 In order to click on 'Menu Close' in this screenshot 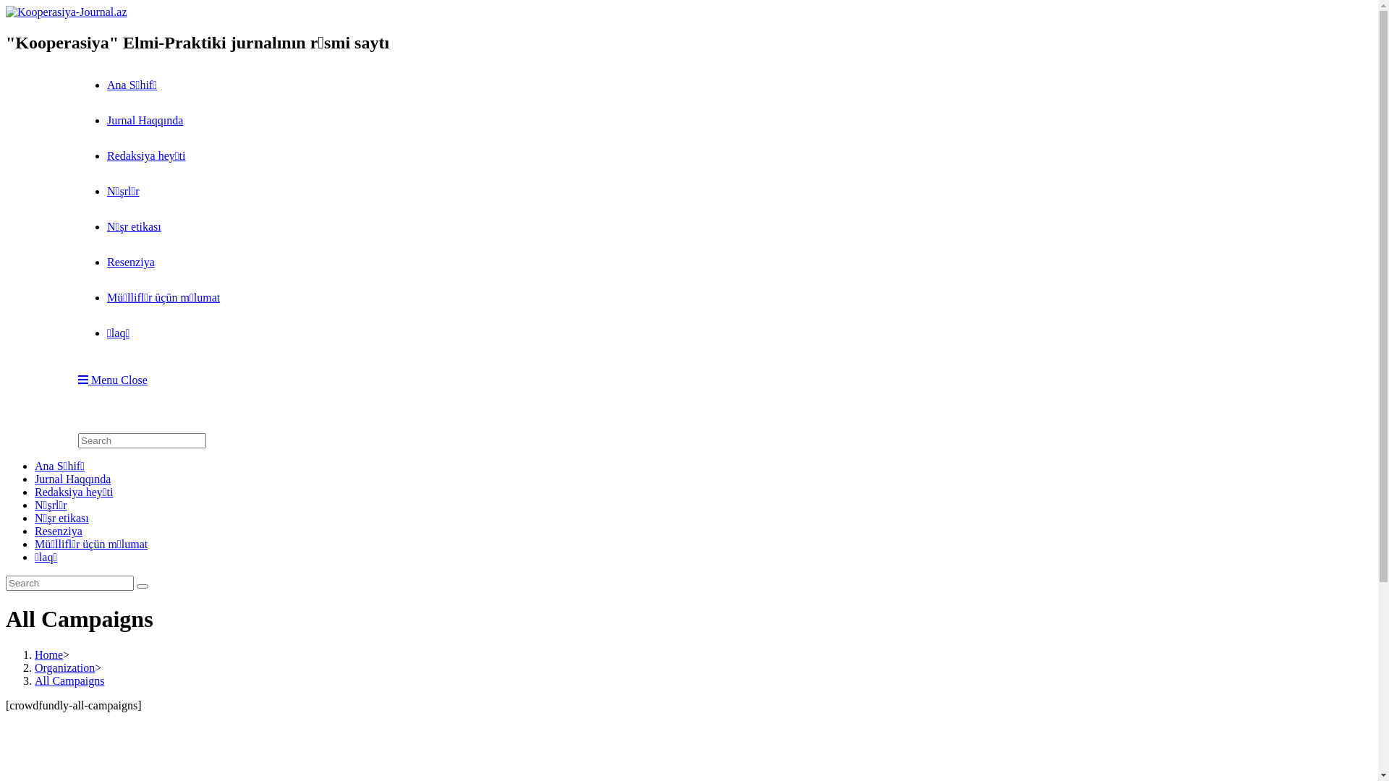, I will do `click(112, 379)`.